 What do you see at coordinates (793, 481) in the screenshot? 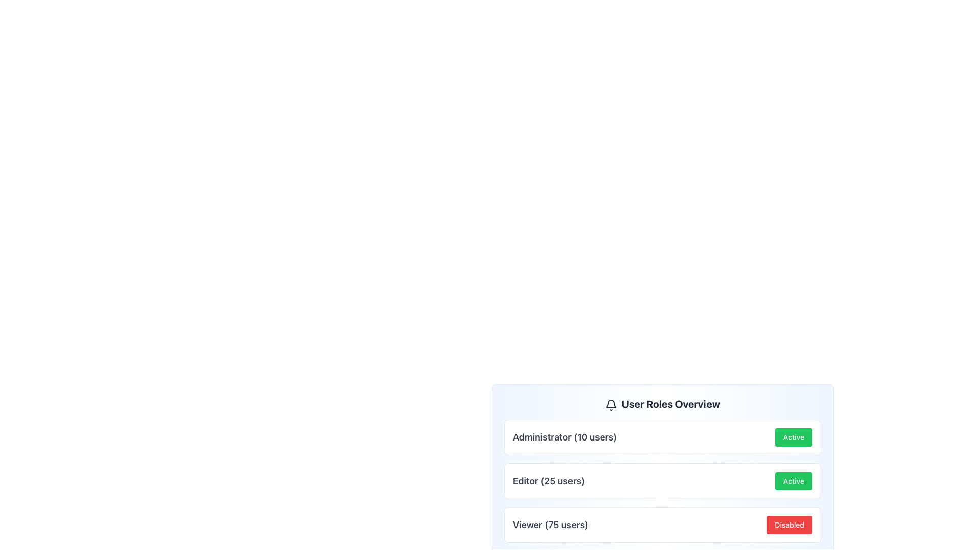
I see `the 'Active' button located in the 'Editor (25 users)' row of the 'User Roles Overview' section` at bounding box center [793, 481].